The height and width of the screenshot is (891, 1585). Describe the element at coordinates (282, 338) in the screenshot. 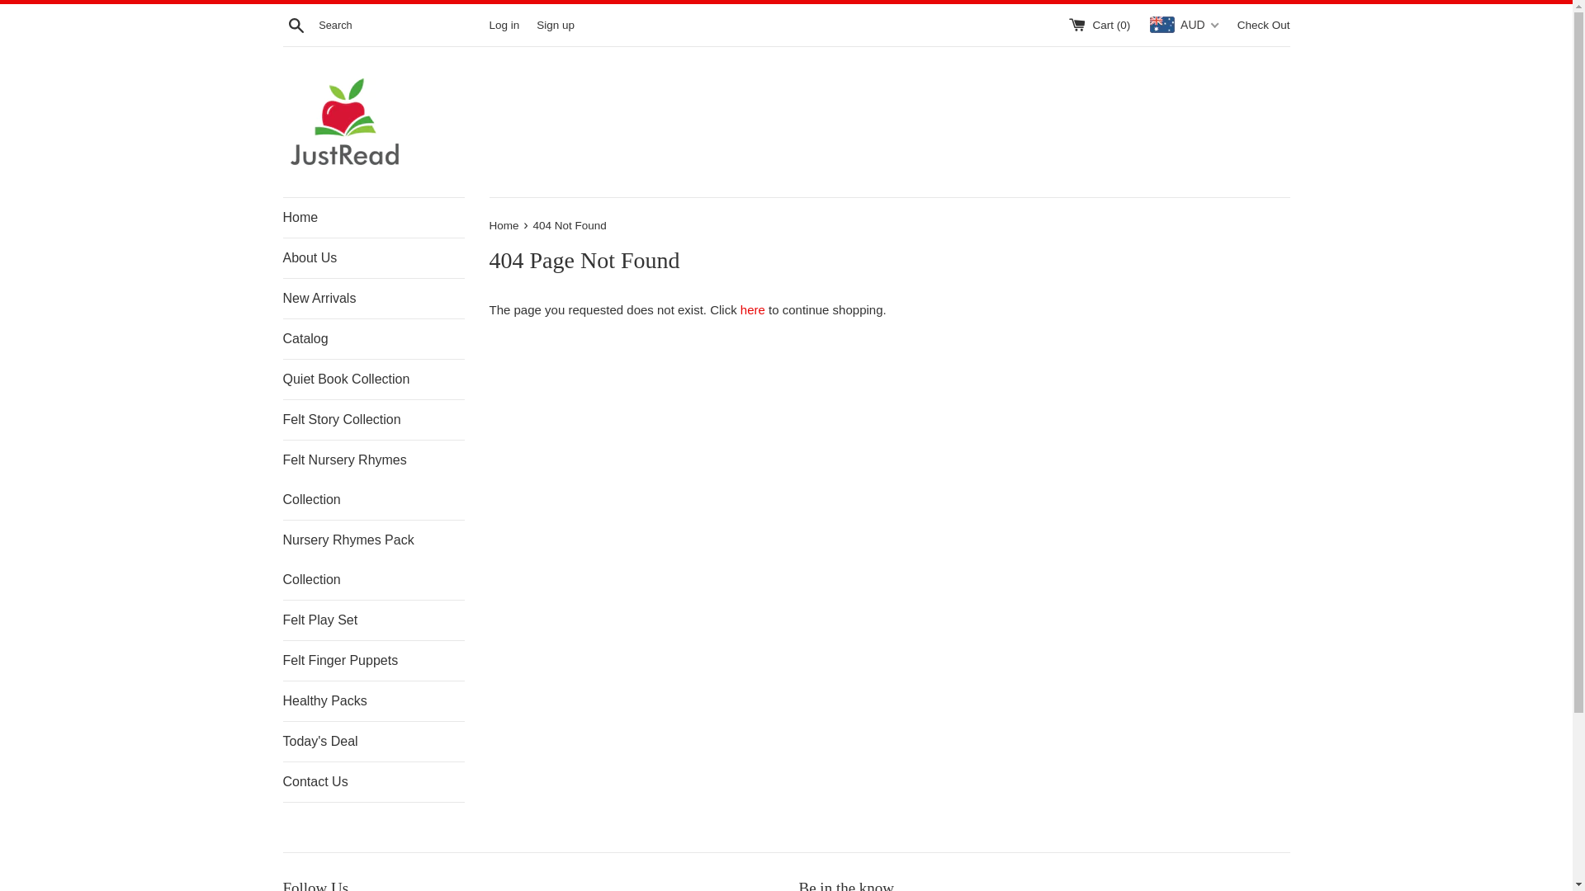

I see `'Catalog'` at that location.